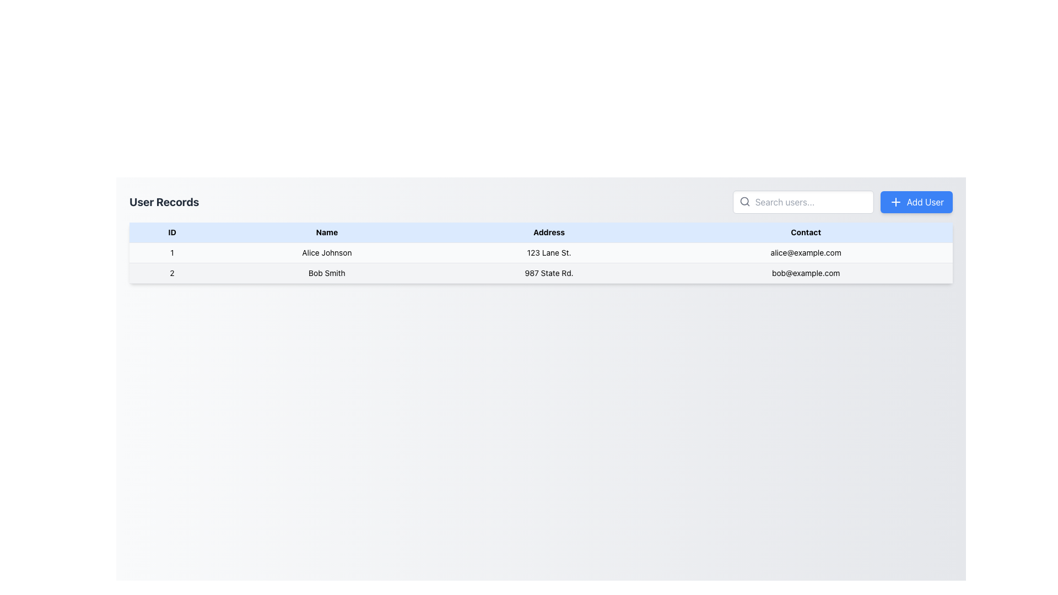 This screenshot has height=595, width=1058. I want to click on the 'Contact' column header in the table, which is the fourth column header aligned with the 'Contact' data, so click(806, 232).